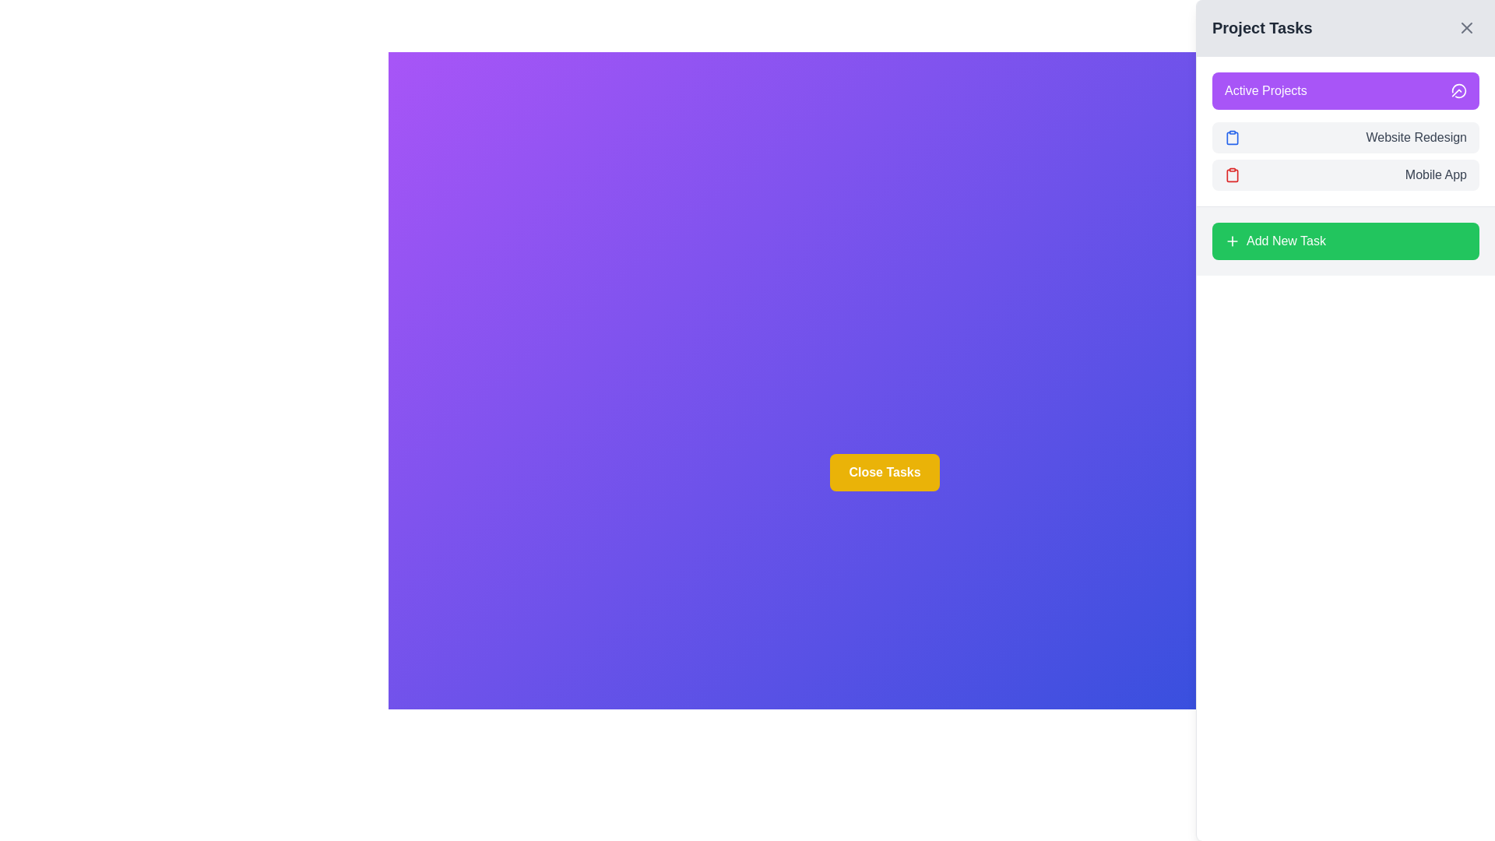 This screenshot has height=841, width=1495. I want to click on the close button with an SVG cross icon located at the top-right corner of the 'Project Tasks' panel to observe the hover effects, so click(1465, 27).